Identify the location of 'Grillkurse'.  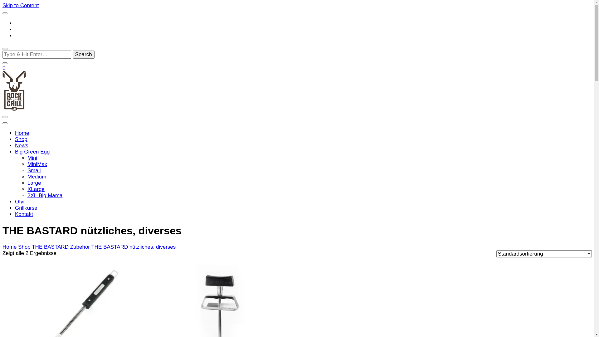
(26, 208).